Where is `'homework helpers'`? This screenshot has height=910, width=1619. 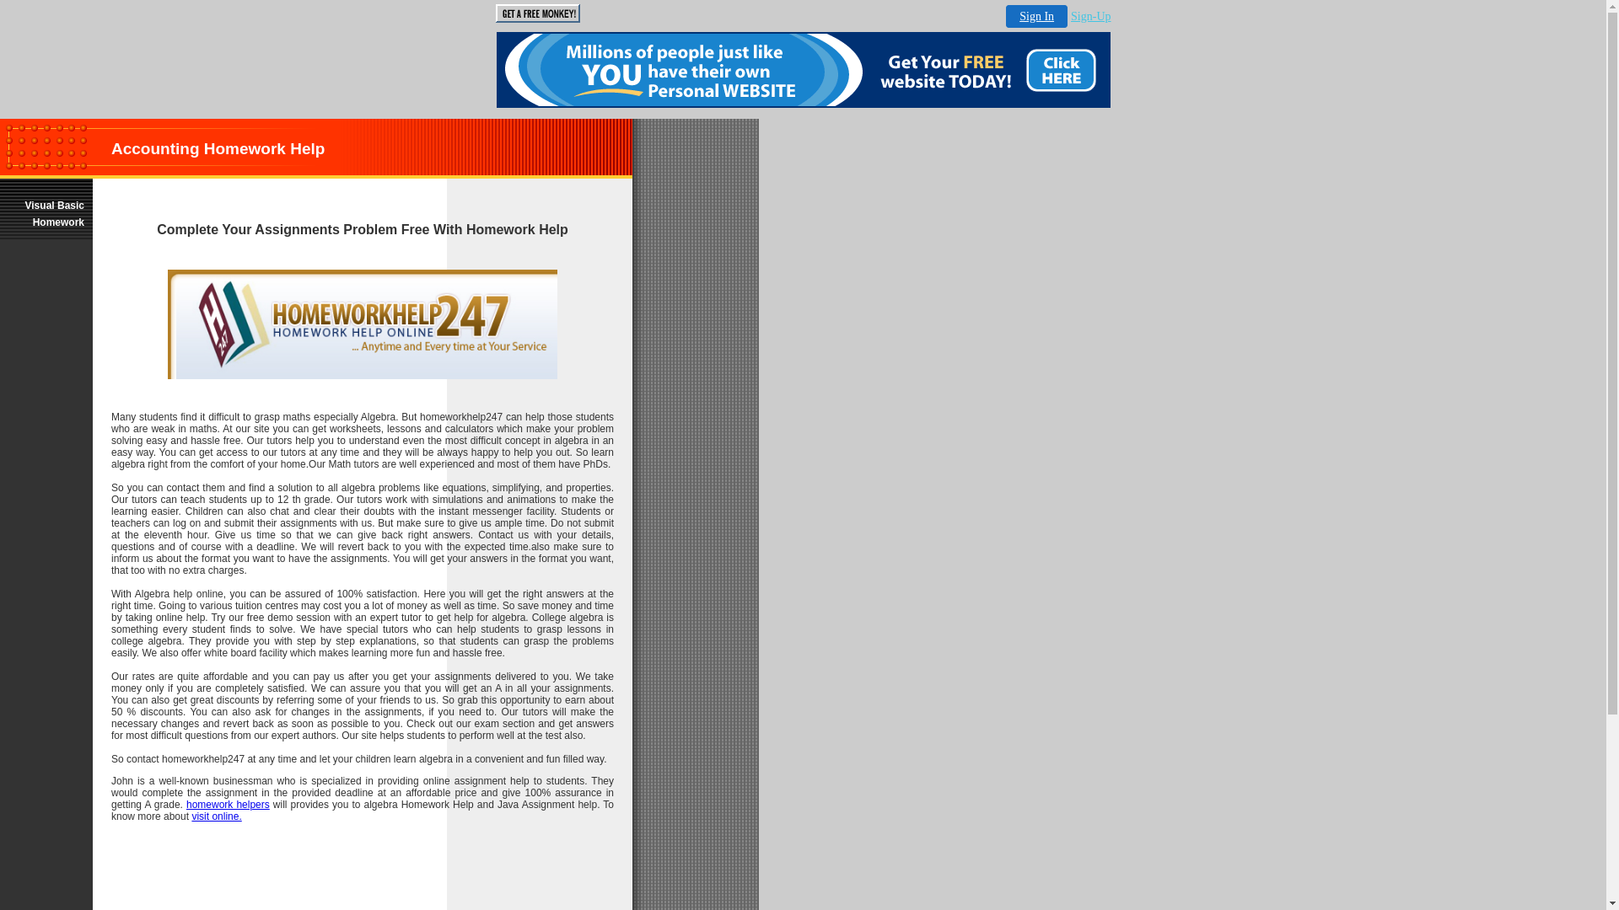
'homework helpers' is located at coordinates (227, 804).